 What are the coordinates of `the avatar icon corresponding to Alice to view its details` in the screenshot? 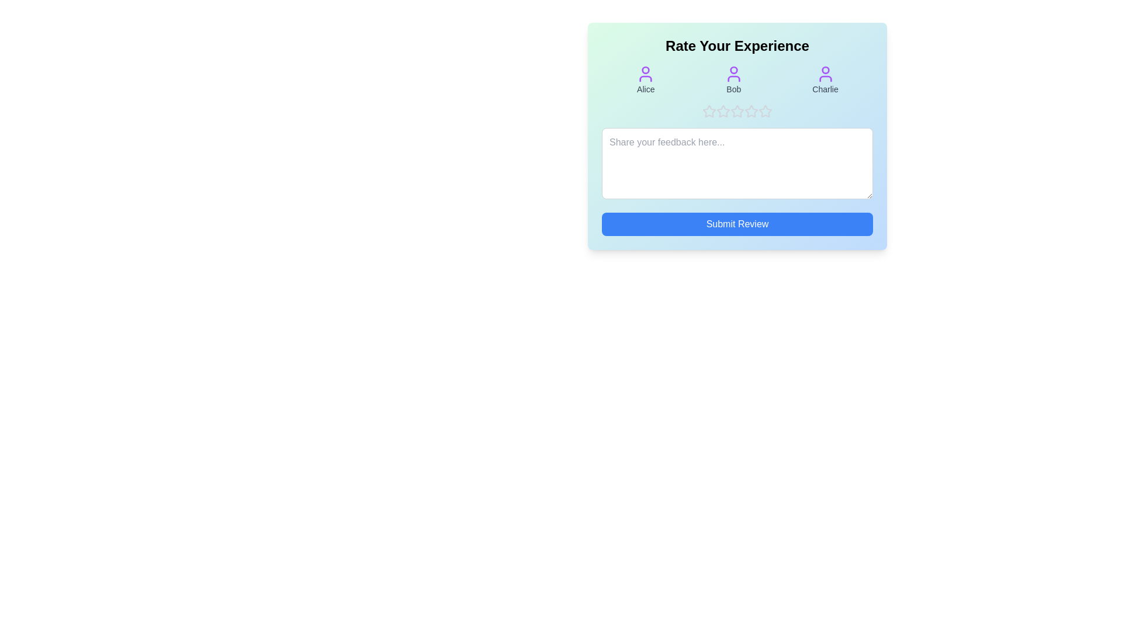 It's located at (645, 79).